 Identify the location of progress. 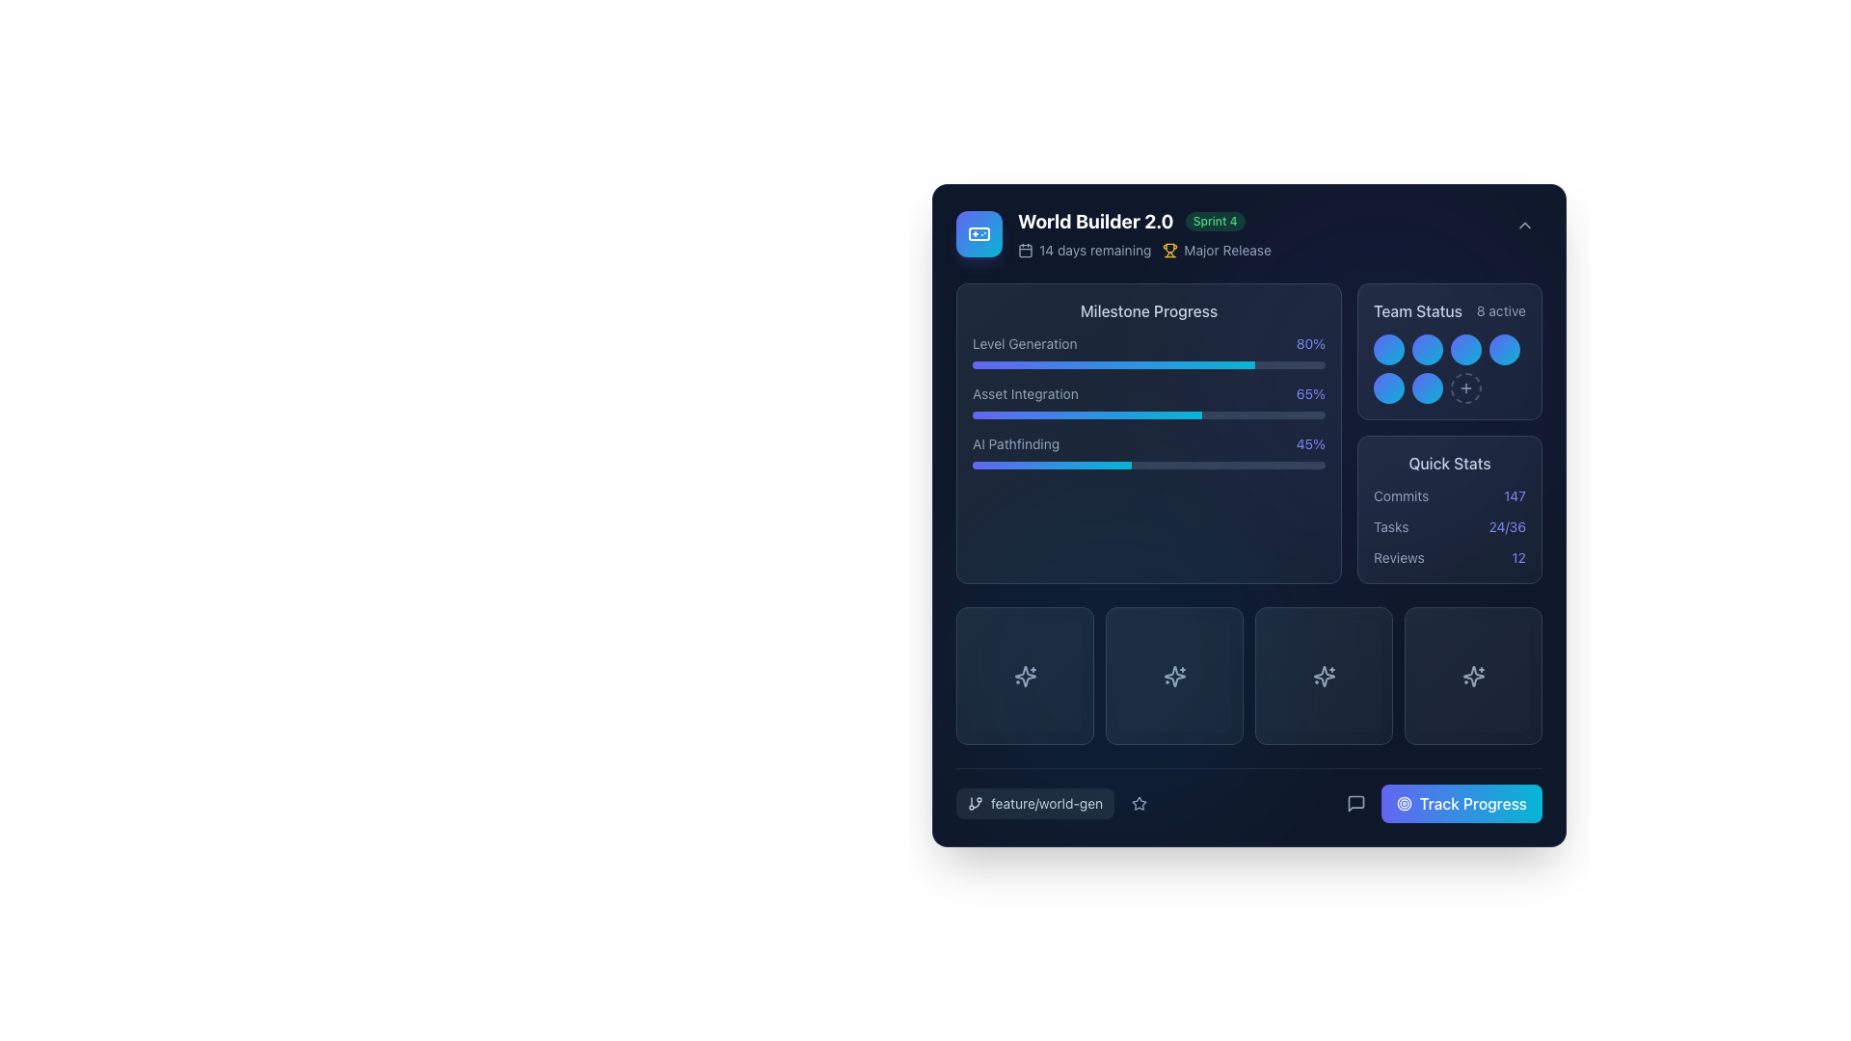
(1050, 364).